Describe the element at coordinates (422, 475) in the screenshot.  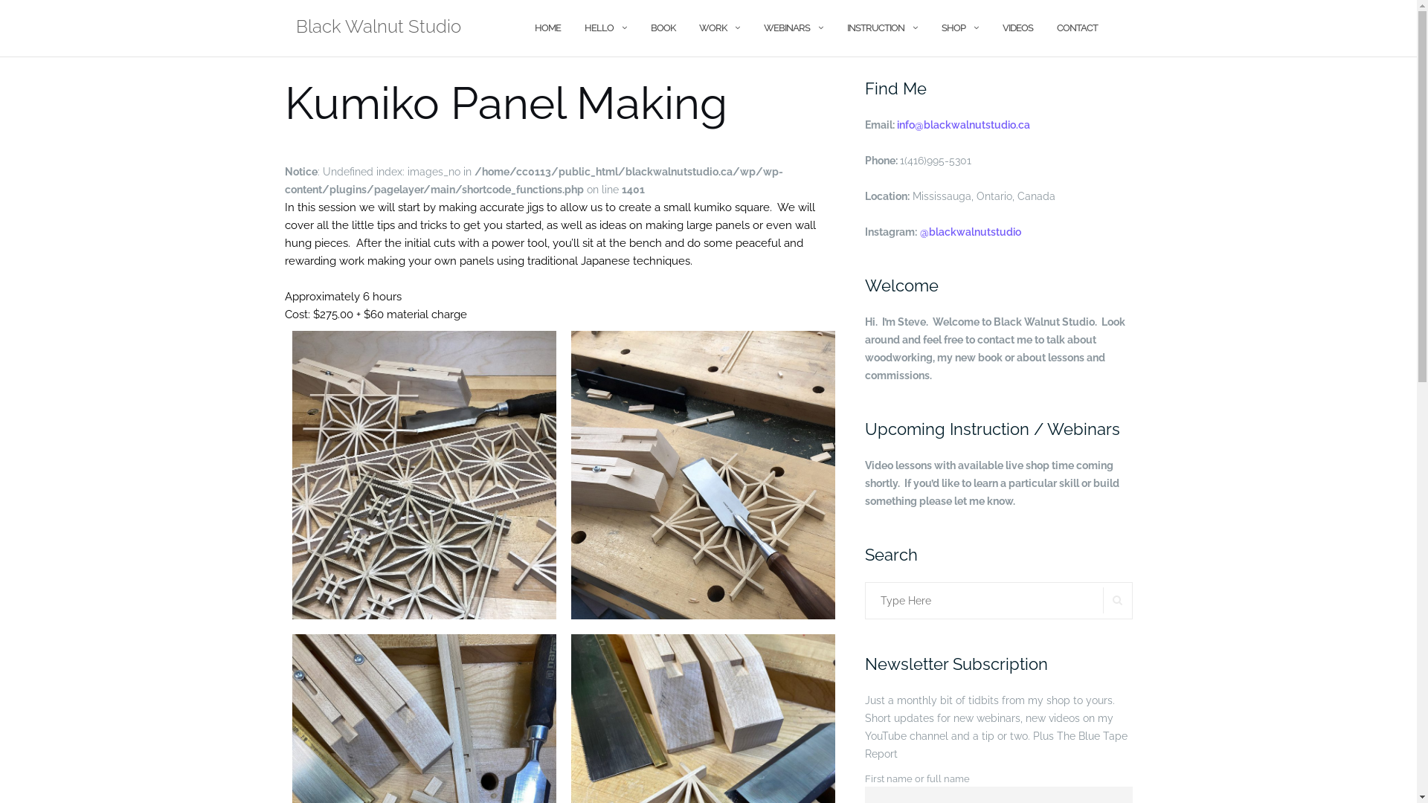
I see `'kumiko lead'` at that location.